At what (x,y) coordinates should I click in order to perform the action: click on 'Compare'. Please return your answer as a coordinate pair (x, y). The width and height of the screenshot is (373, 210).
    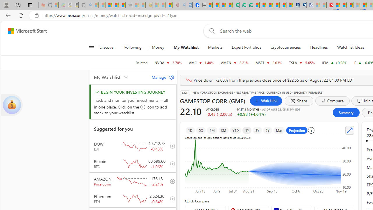
    Looking at the image, I should click on (332, 100).